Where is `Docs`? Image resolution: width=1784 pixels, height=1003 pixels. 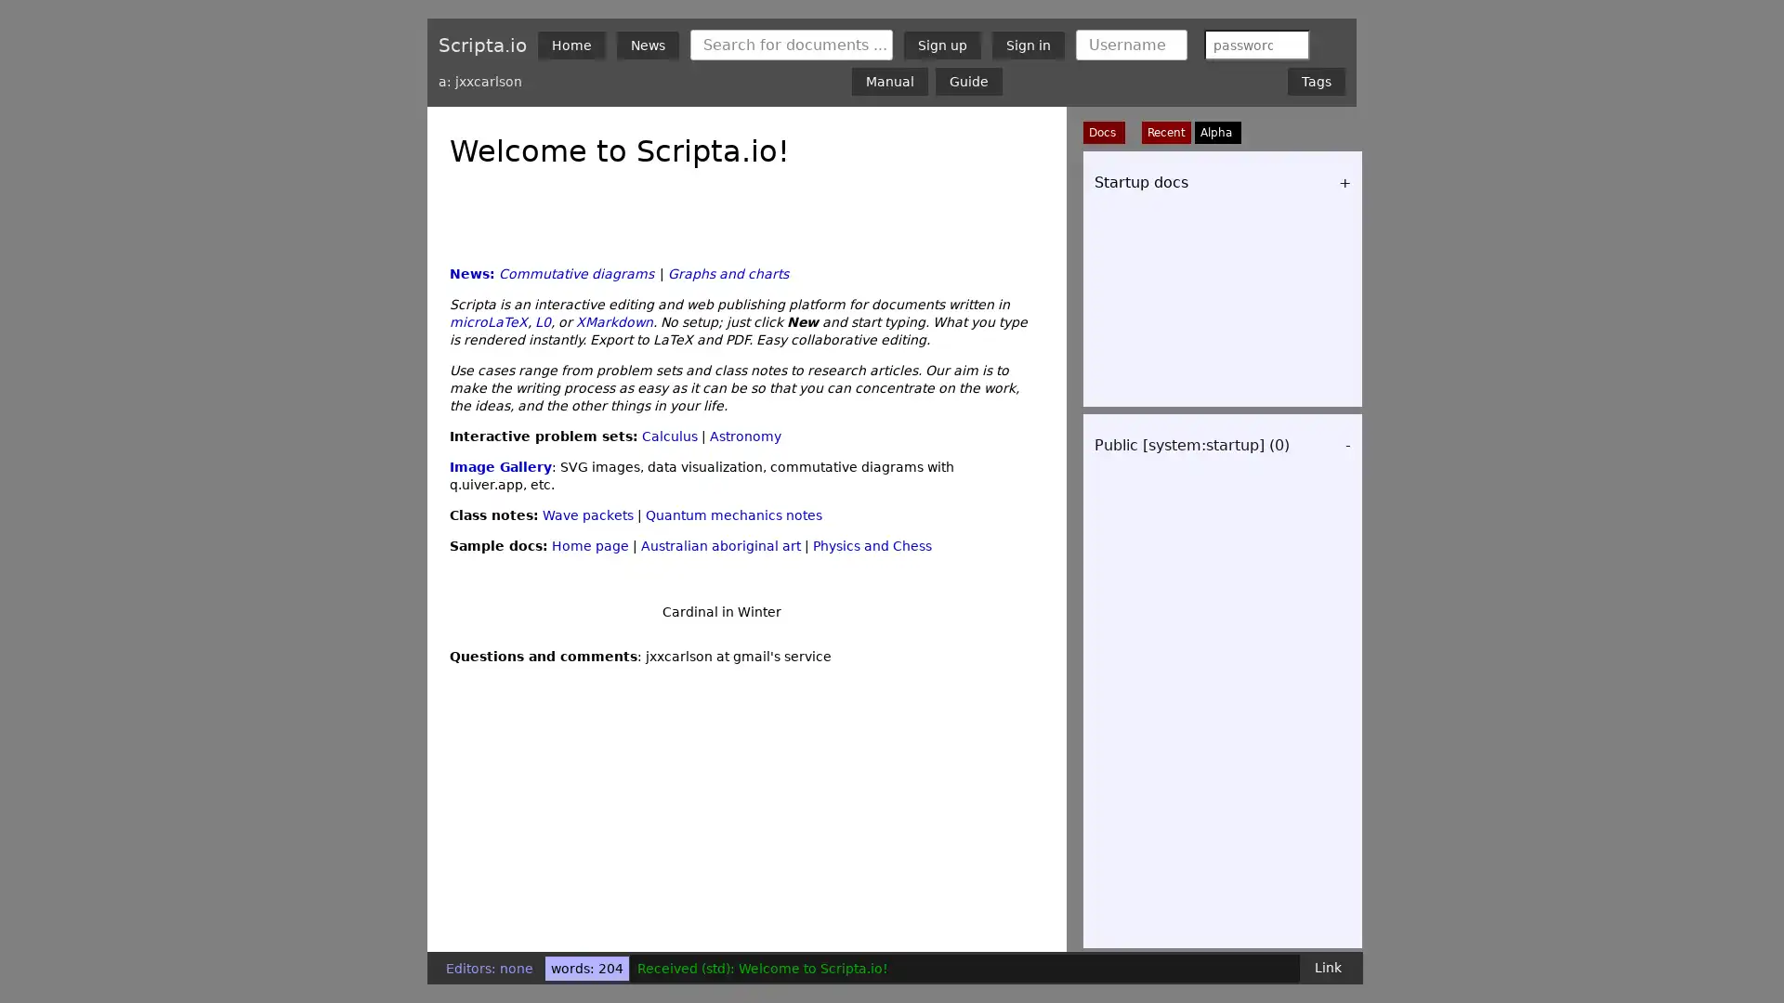 Docs is located at coordinates (1104, 131).